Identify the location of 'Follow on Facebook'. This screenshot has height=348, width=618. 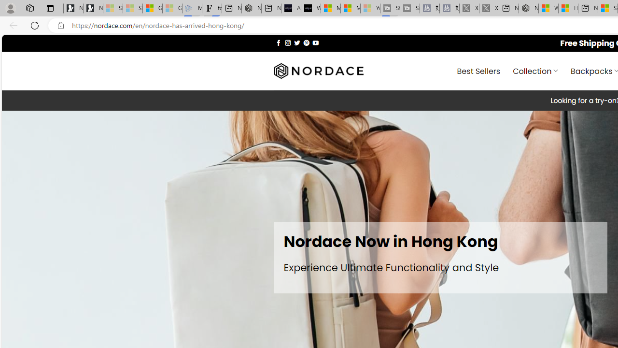
(278, 42).